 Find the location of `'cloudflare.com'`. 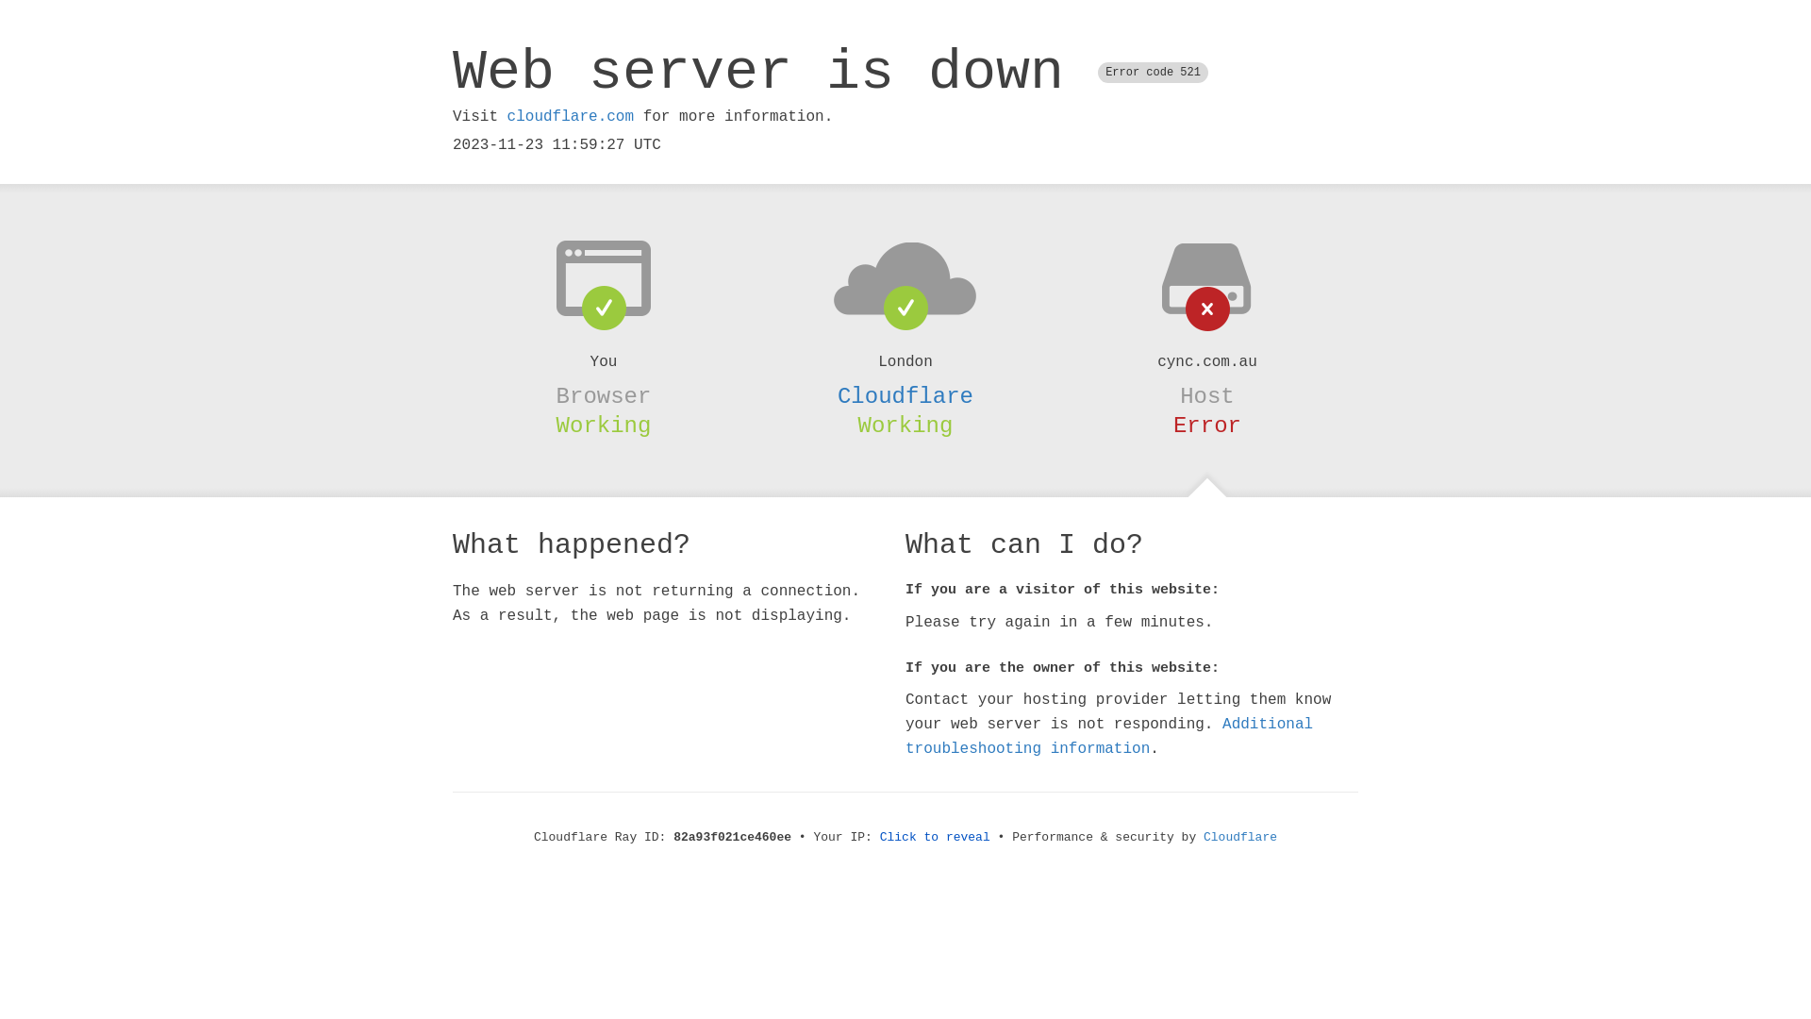

'cloudflare.com' is located at coordinates (569, 116).